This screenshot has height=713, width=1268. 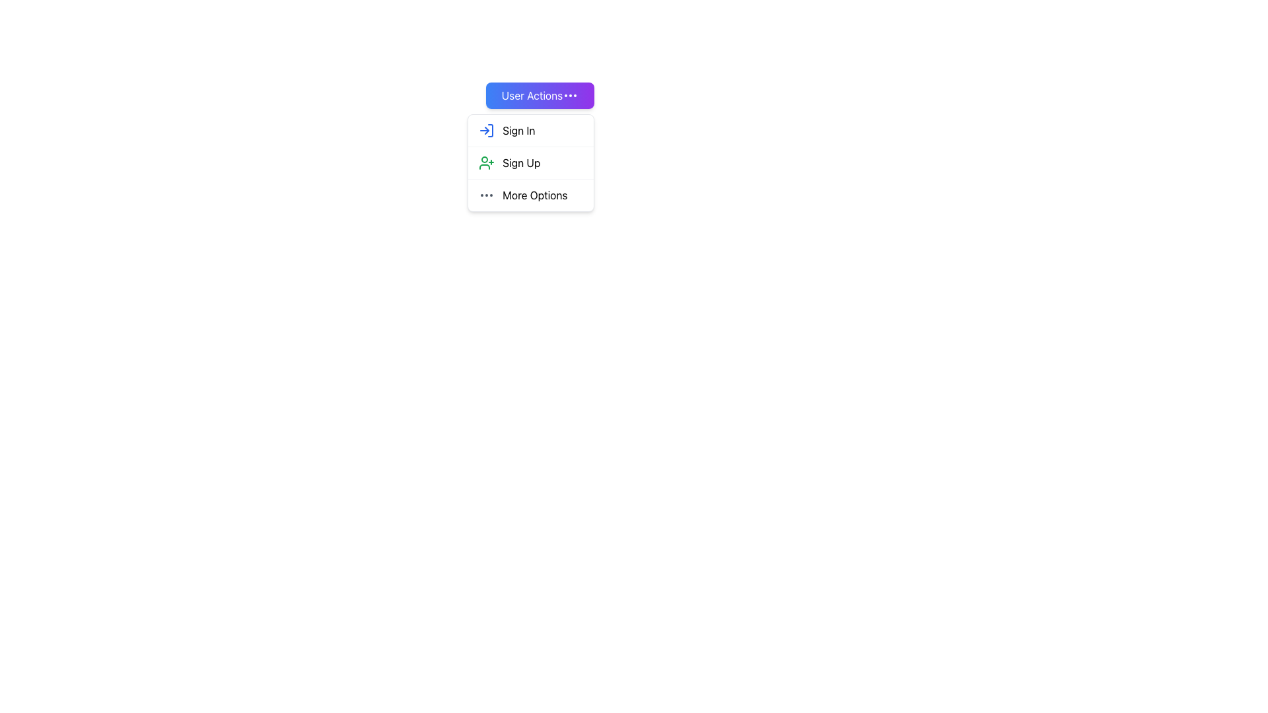 What do you see at coordinates (531, 195) in the screenshot?
I see `the 'More Options' menu item located at the bottom of the dropdown menu` at bounding box center [531, 195].